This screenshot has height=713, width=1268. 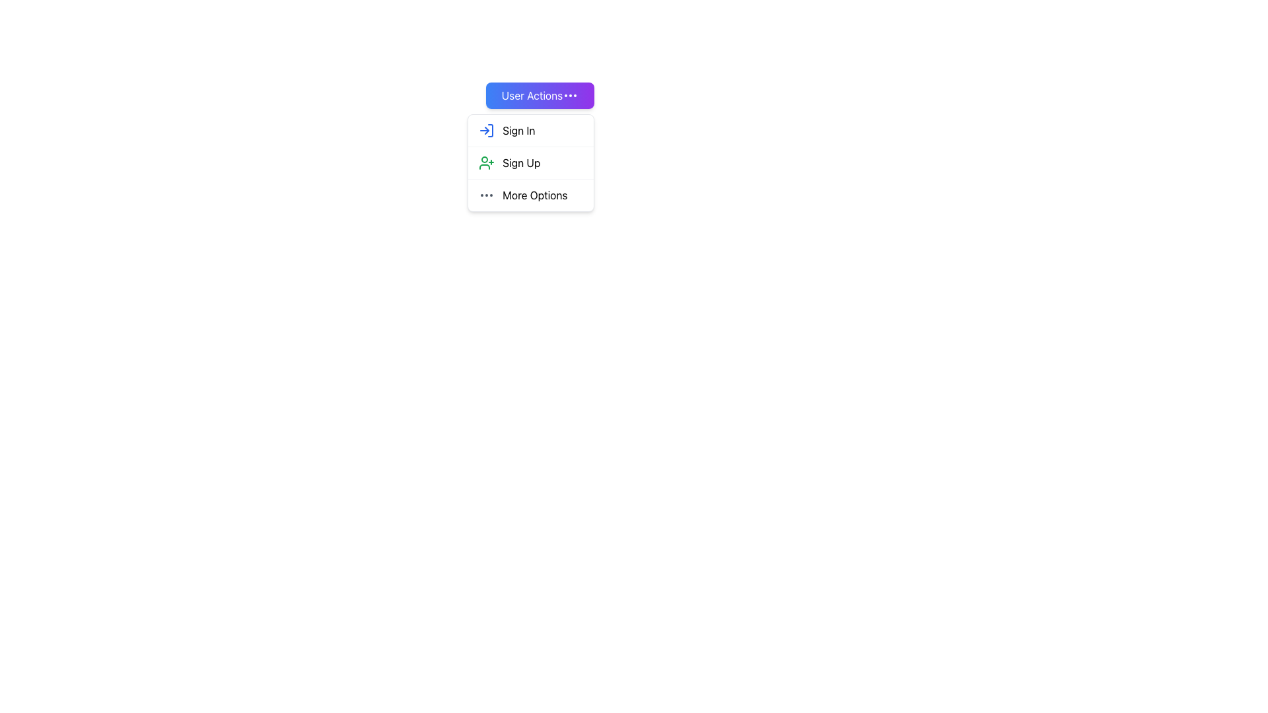 What do you see at coordinates (531, 195) in the screenshot?
I see `the 'More Options' menu item located at the bottom of the dropdown menu` at bounding box center [531, 195].